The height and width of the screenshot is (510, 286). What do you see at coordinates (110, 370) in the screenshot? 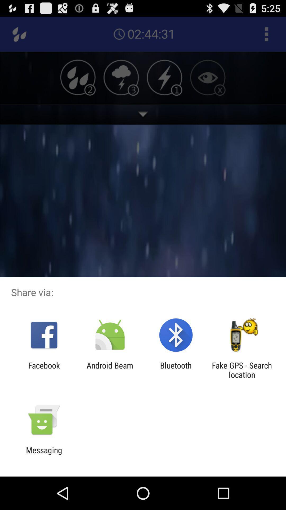
I see `android beam app` at bounding box center [110, 370].